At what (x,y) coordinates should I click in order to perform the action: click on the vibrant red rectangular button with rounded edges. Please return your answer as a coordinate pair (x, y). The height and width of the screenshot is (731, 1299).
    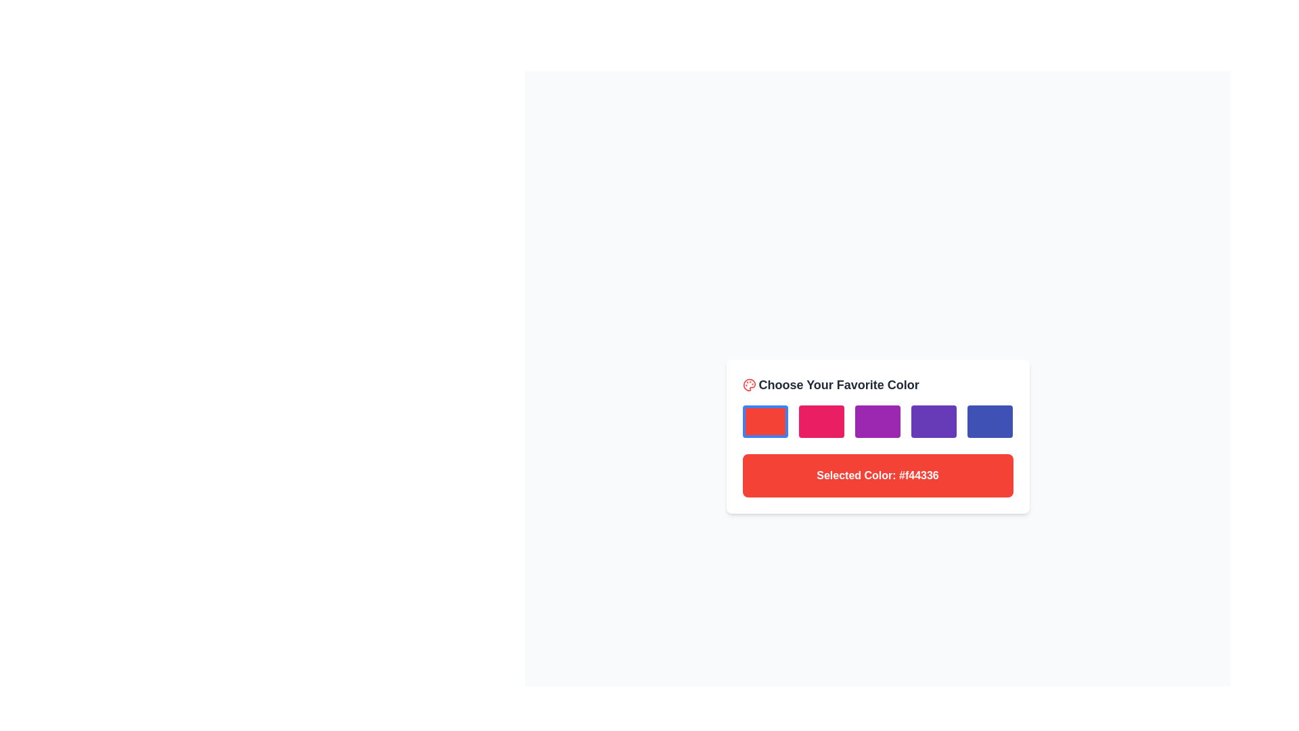
    Looking at the image, I should click on (765, 421).